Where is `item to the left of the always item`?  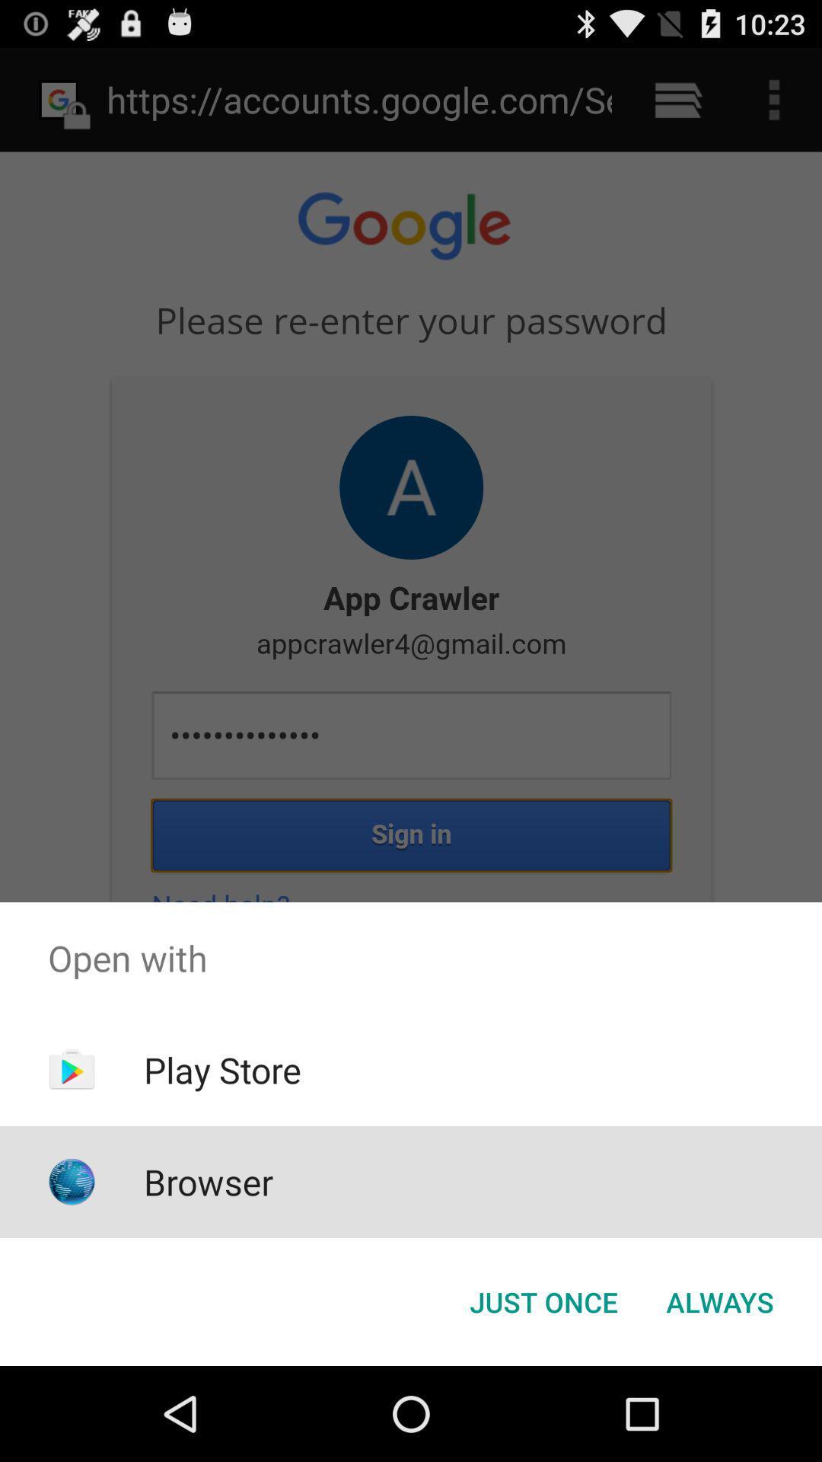 item to the left of the always item is located at coordinates (543, 1301).